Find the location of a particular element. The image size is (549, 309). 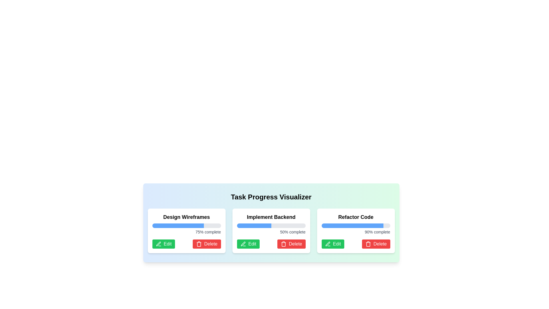

the horizontal progress bar styled as a rounded rectangle, located below the title 'Implement Backend' in the second card of the task visualizer is located at coordinates (271, 225).